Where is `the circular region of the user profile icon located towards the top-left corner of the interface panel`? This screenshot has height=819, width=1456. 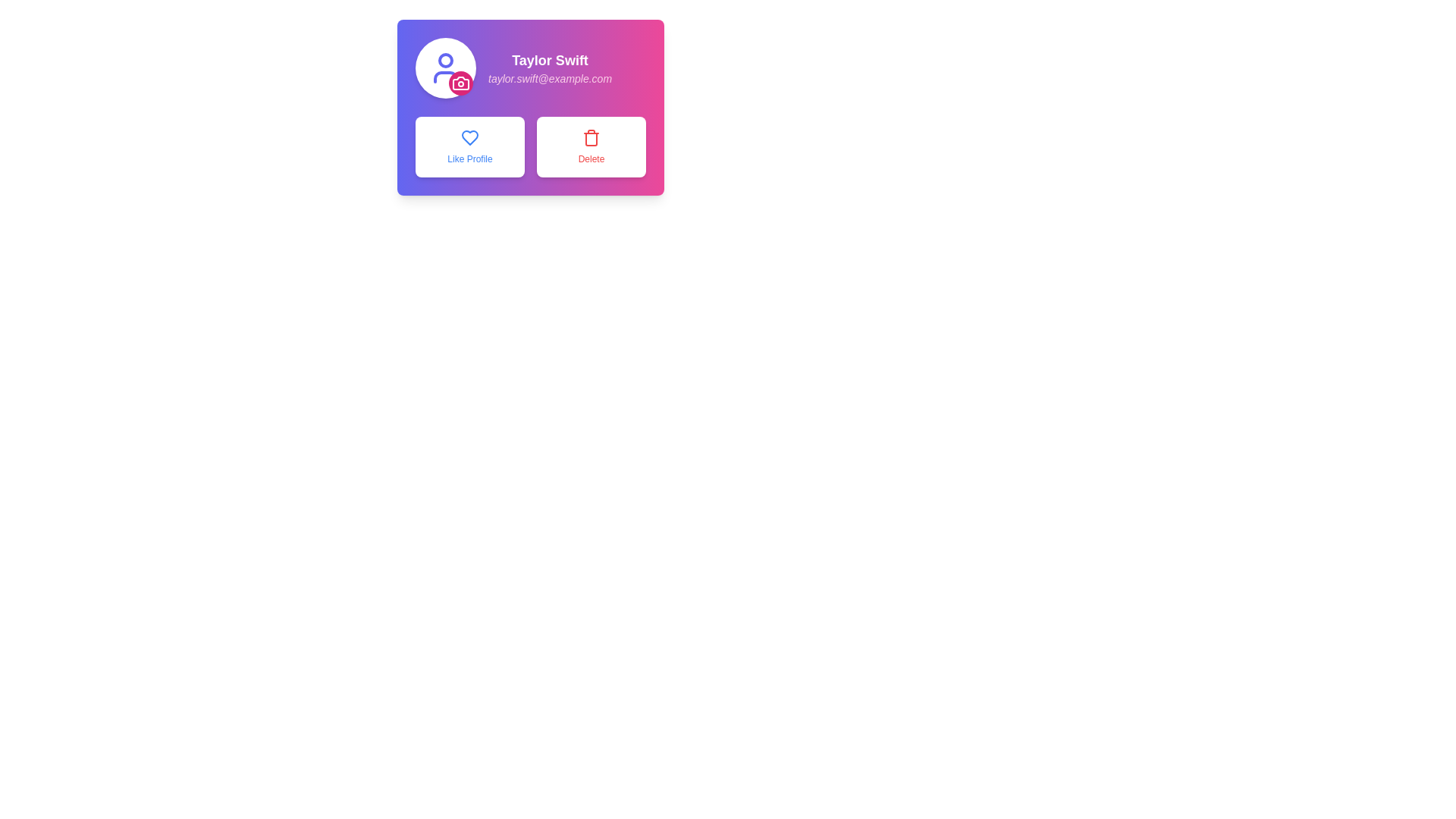 the circular region of the user profile icon located towards the top-left corner of the interface panel is located at coordinates (445, 60).